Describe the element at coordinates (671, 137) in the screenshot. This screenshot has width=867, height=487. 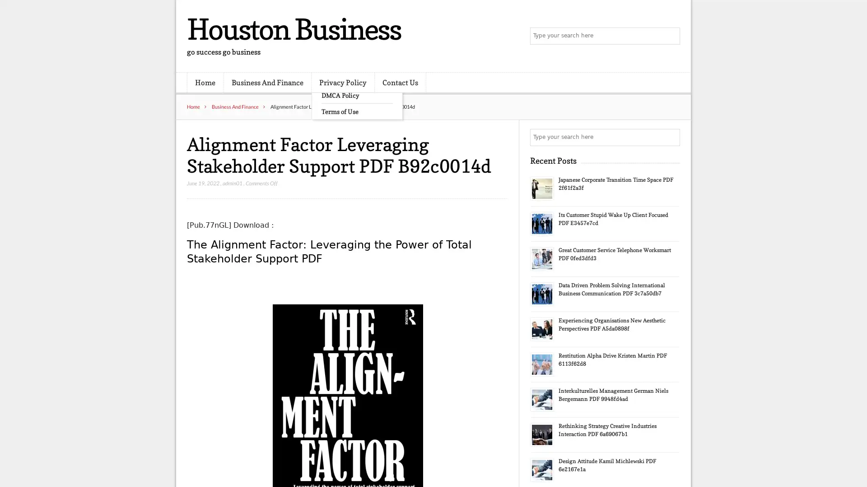
I see `Search` at that location.